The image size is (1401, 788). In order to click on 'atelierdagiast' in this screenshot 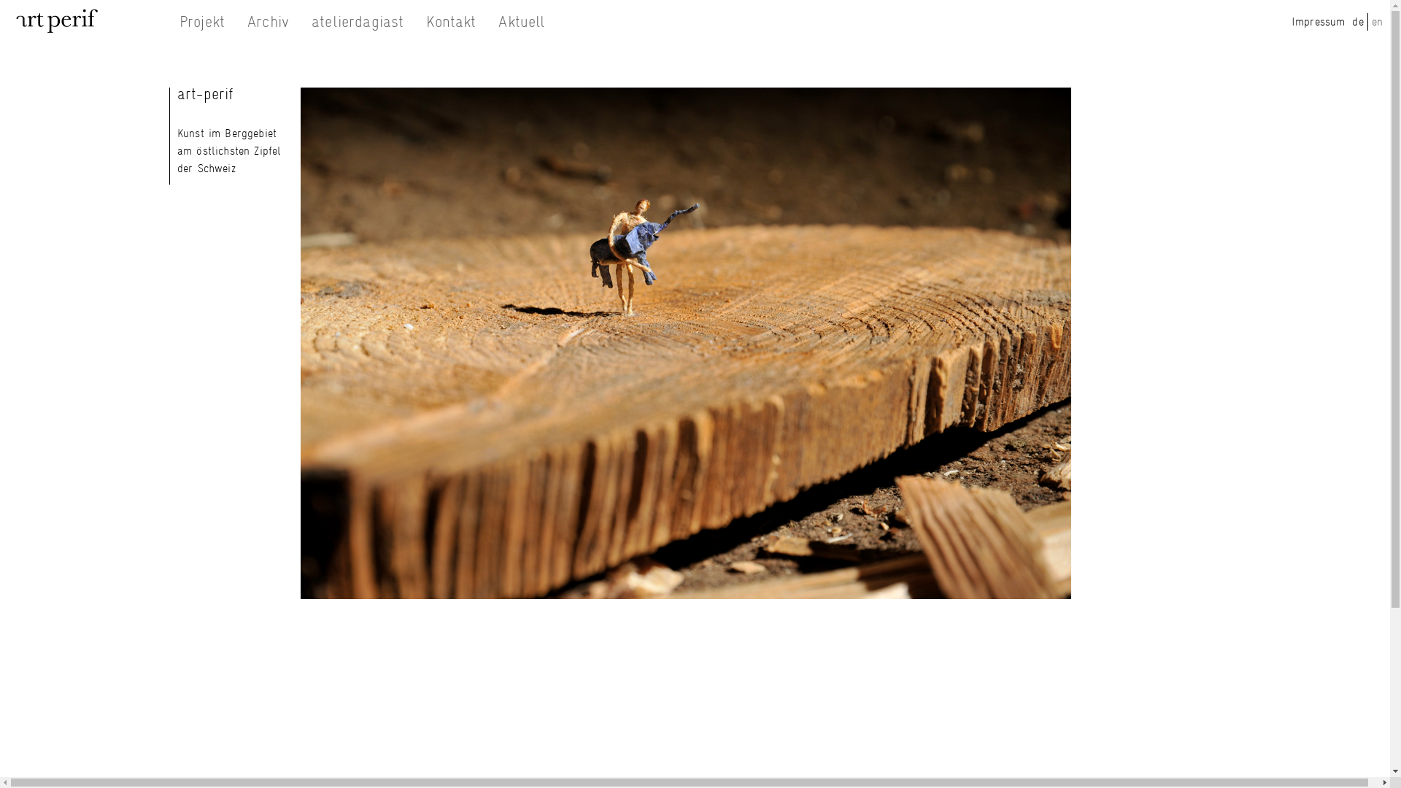, I will do `click(311, 21)`.